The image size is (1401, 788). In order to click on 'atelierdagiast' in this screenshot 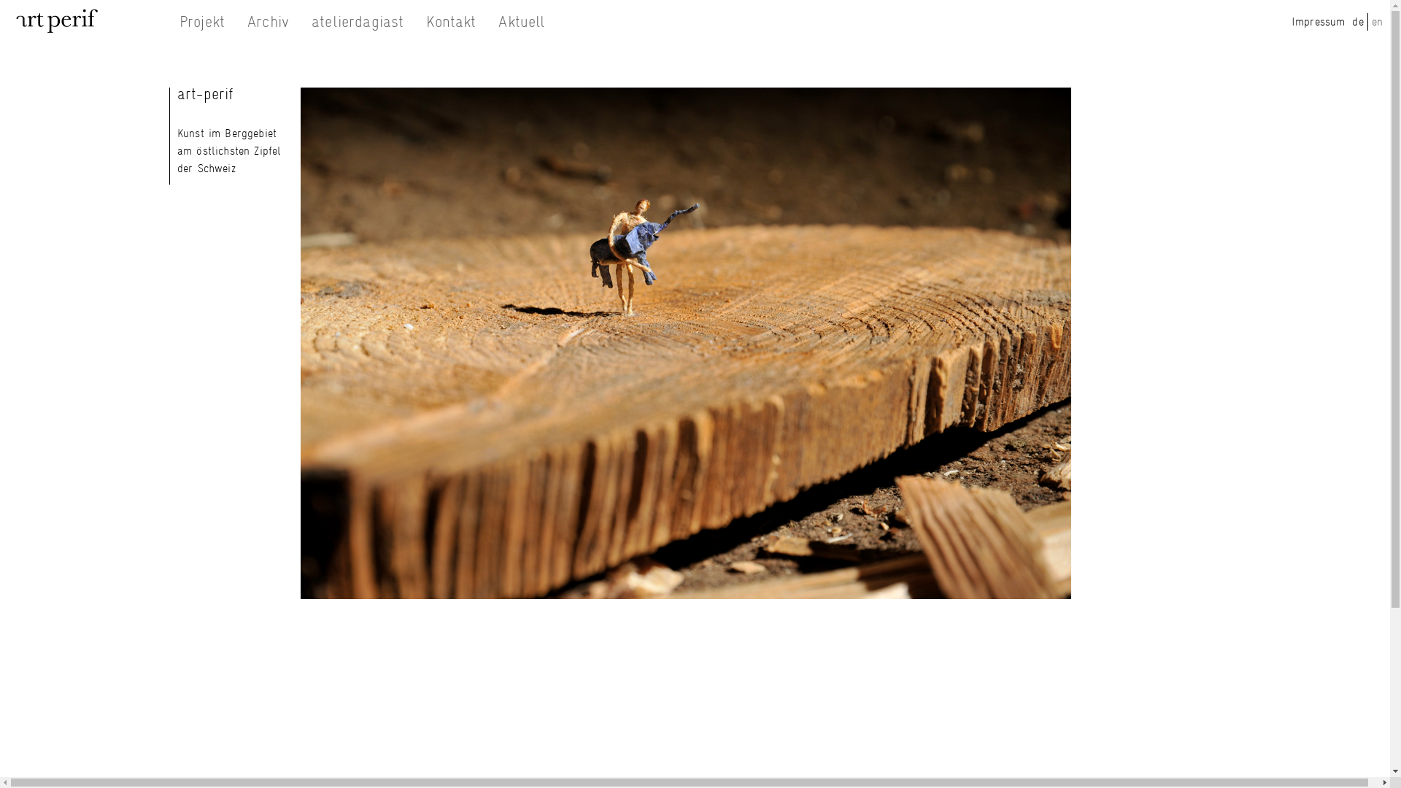, I will do `click(311, 21)`.